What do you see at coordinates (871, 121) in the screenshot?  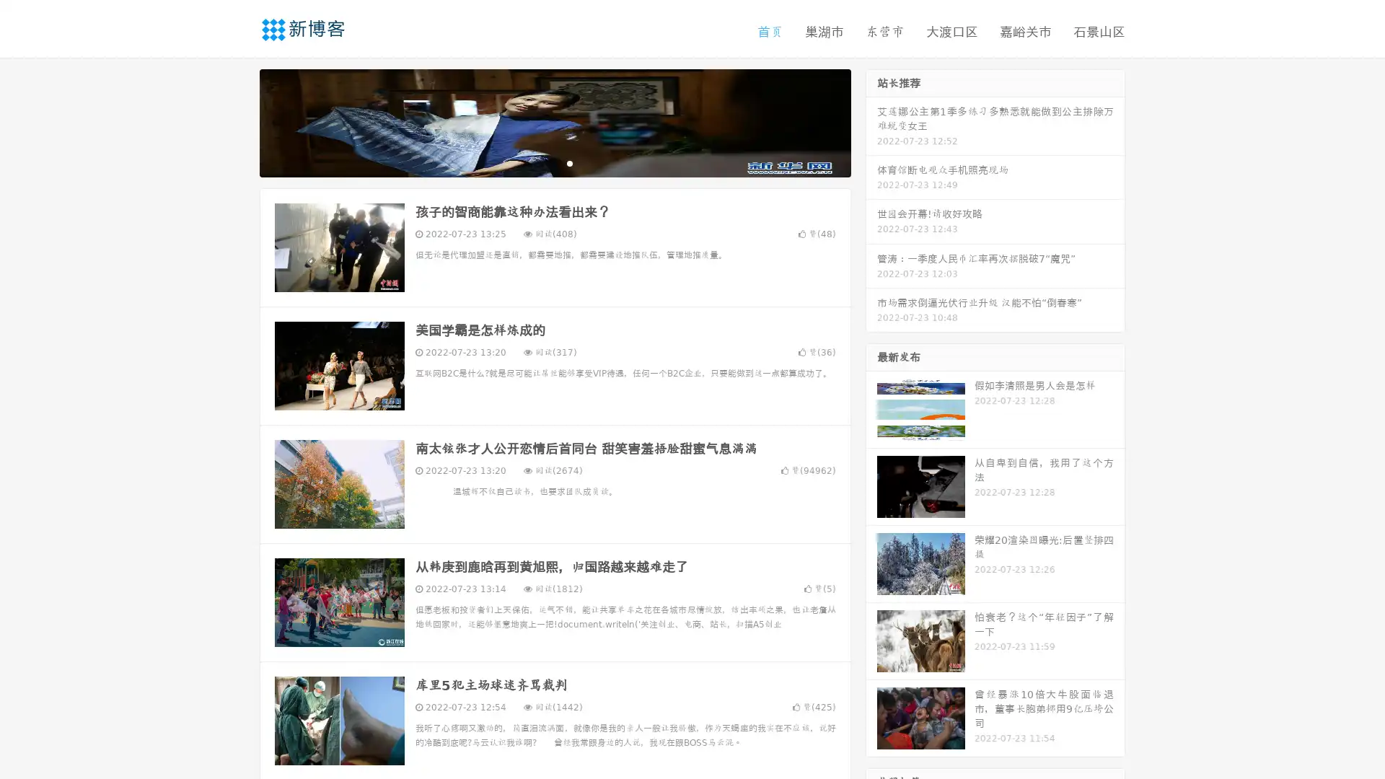 I see `Next slide` at bounding box center [871, 121].